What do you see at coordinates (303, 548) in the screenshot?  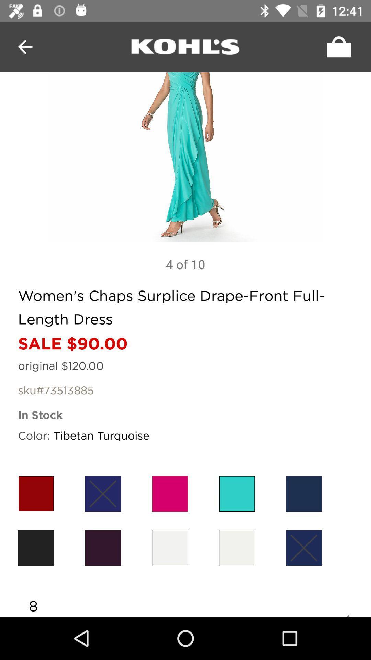 I see `blue` at bounding box center [303, 548].